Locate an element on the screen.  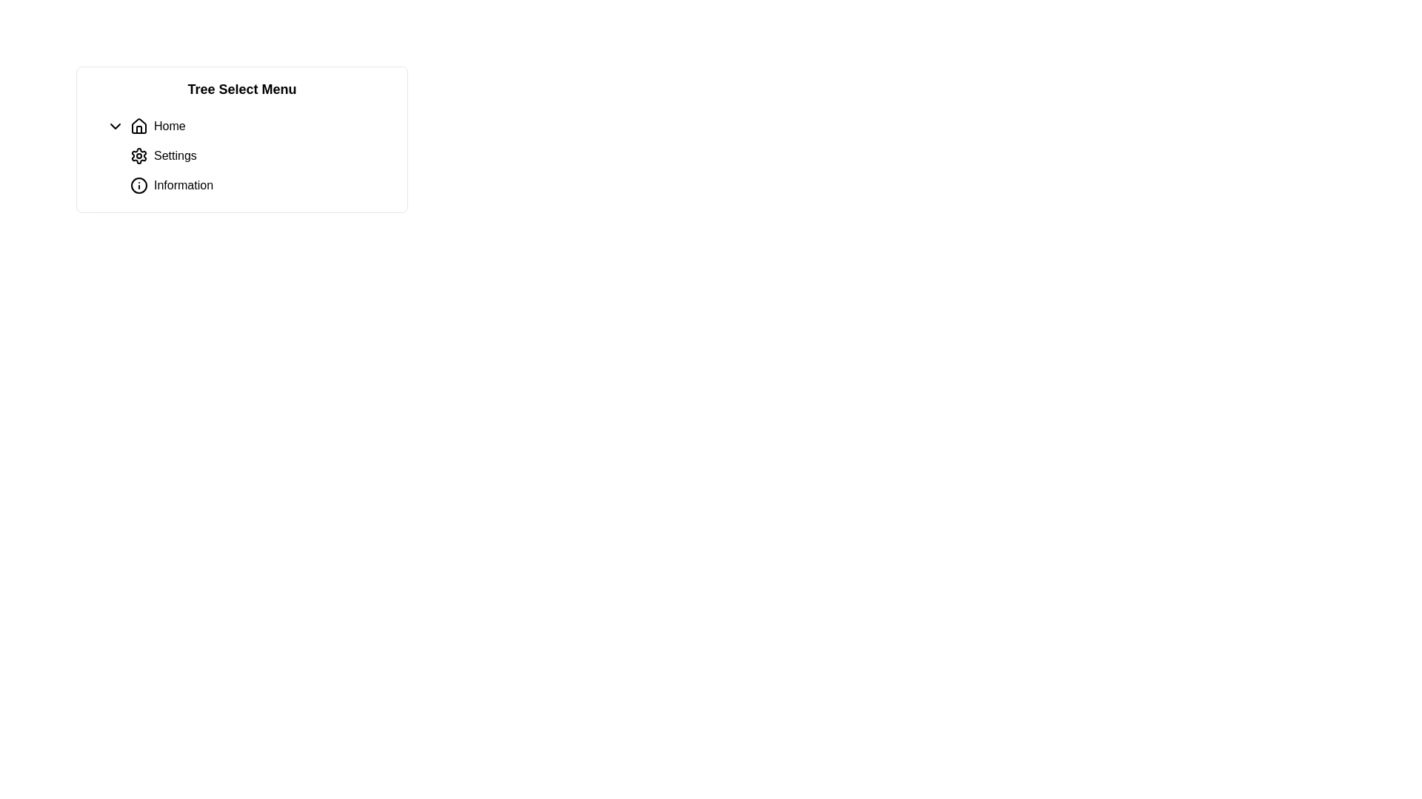
the downward chevron icon located to the left of the 'Home' text in the 'Tree Select Menu' is located at coordinates (115, 125).